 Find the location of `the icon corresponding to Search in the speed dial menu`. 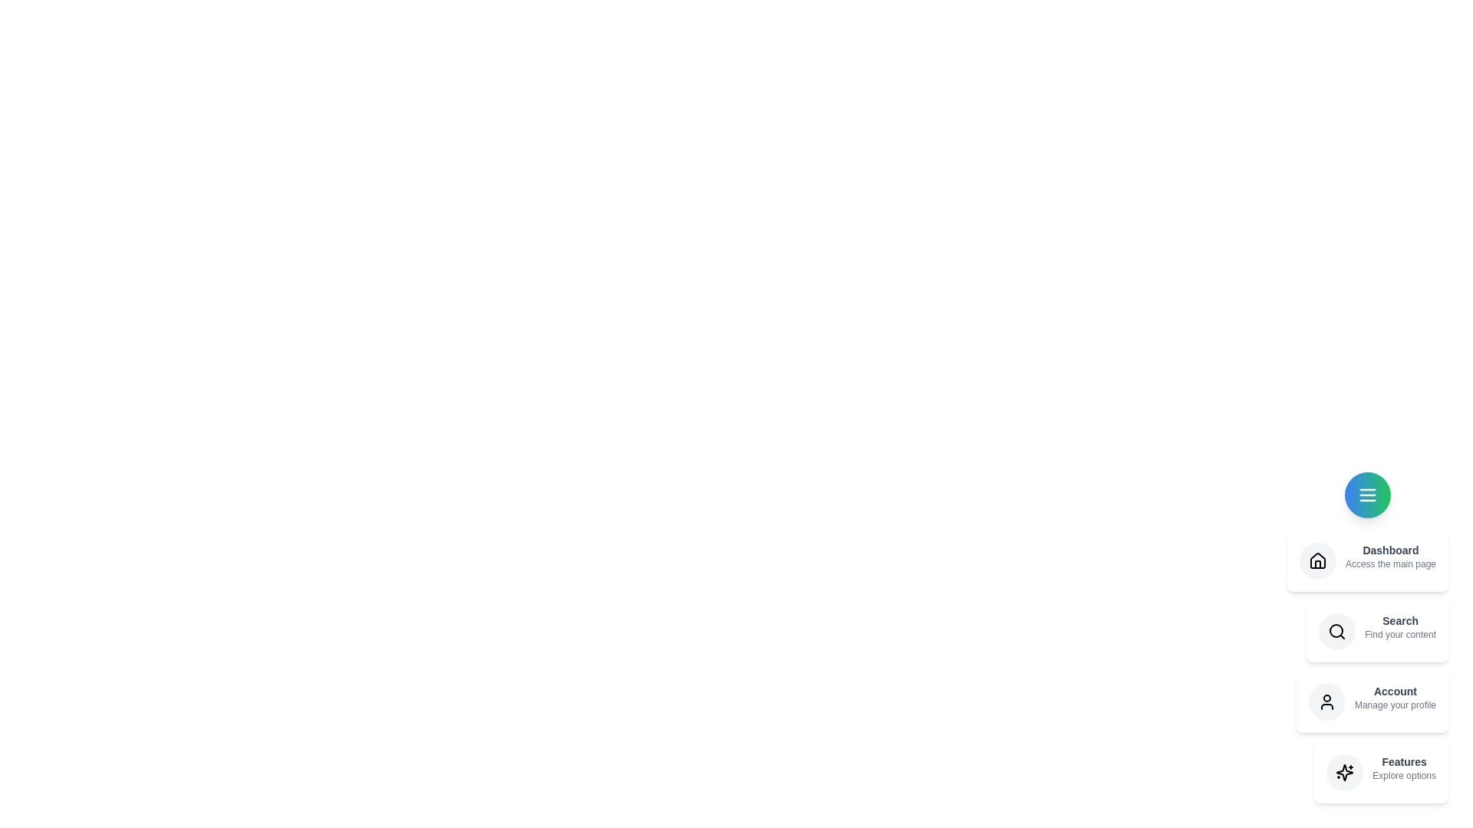

the icon corresponding to Search in the speed dial menu is located at coordinates (1336, 632).